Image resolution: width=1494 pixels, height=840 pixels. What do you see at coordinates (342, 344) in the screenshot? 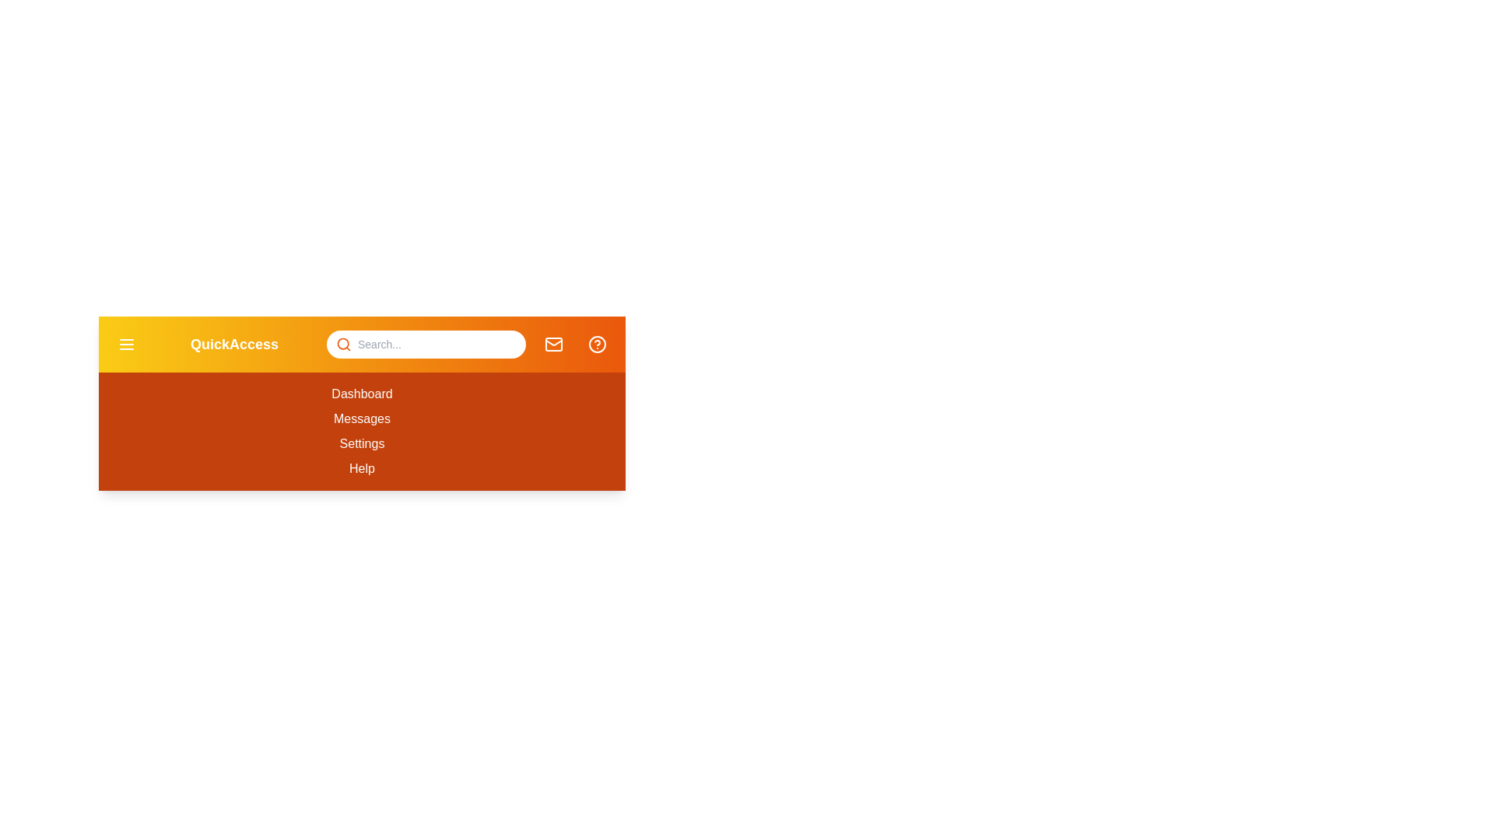
I see `the orange magnifying glass icon located to the left of the search input field, near the placeholder text 'Search...'` at bounding box center [342, 344].